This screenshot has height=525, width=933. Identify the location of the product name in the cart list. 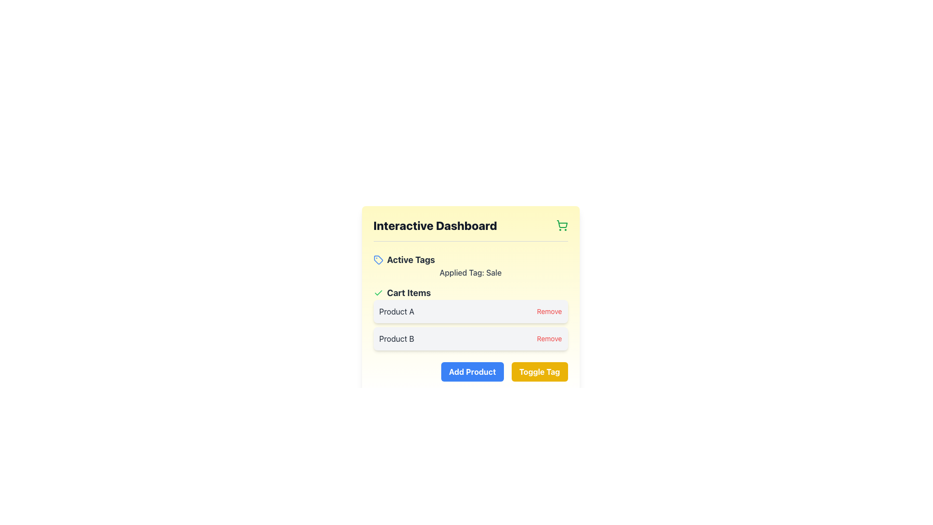
(470, 318).